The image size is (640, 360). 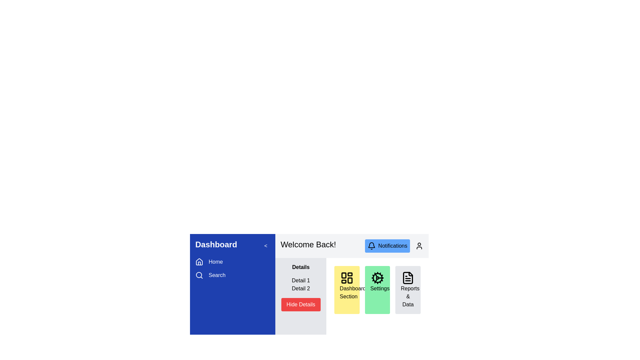 What do you see at coordinates (347, 290) in the screenshot?
I see `the rectangular card with a yellow background that has the title 'Dashboard Section' and a dashboard icon at the top-center` at bounding box center [347, 290].